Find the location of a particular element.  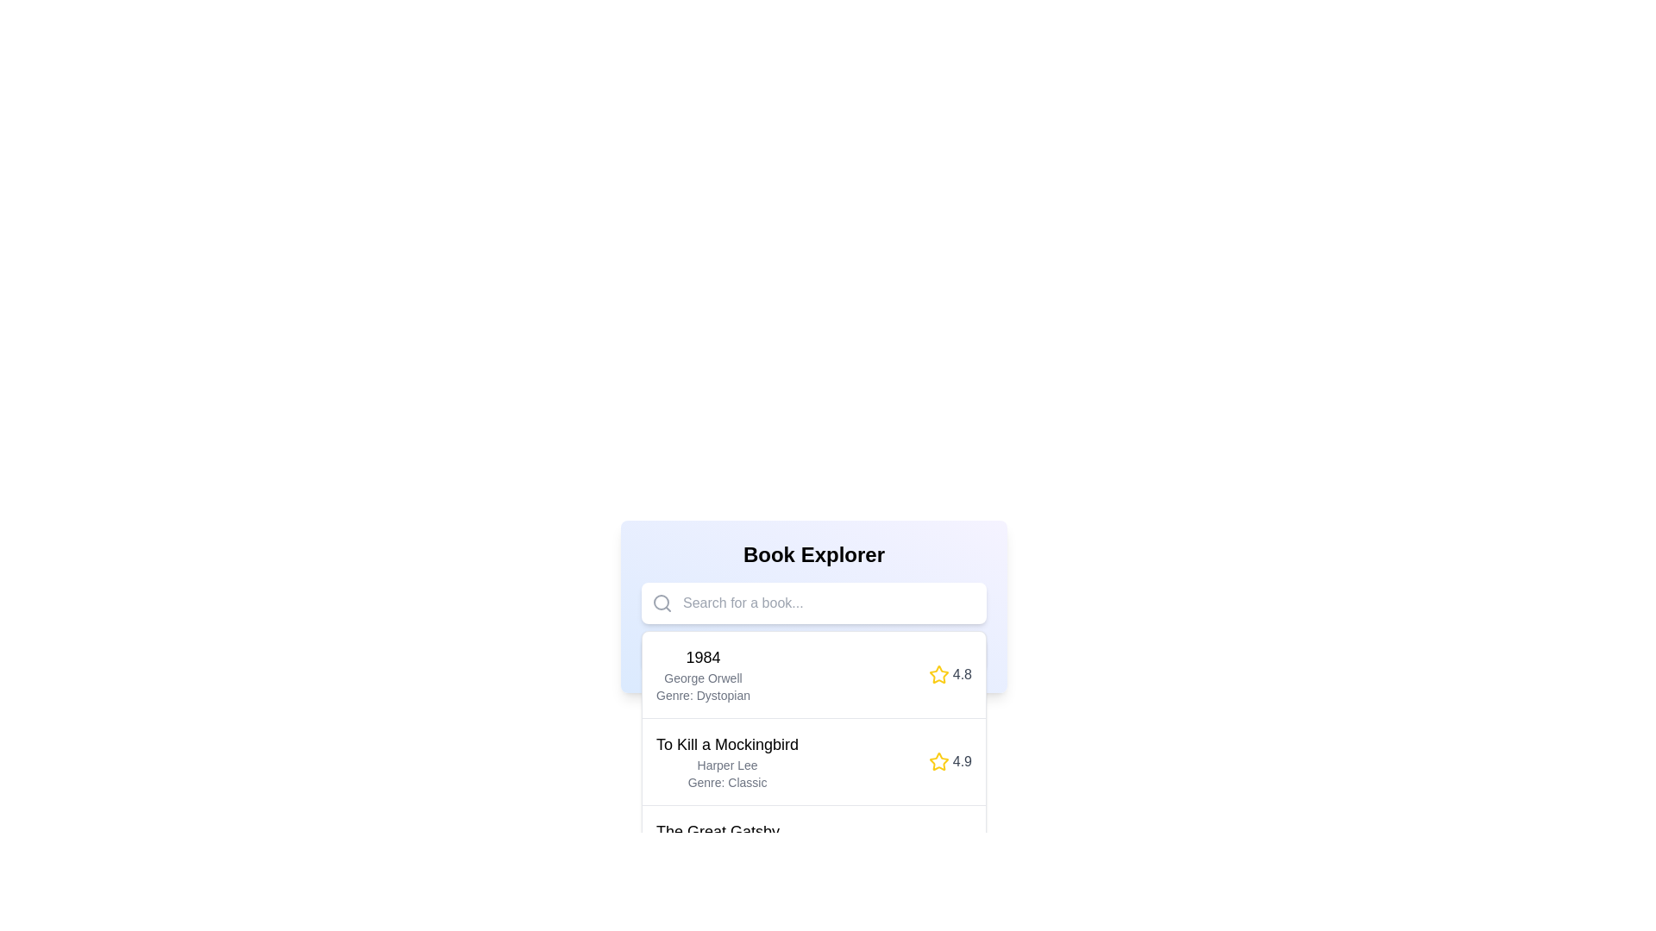

the text-based information display component that presents details about the book 'To Kill a Mockingbird', located in the second row of book entries is located at coordinates (727, 760).